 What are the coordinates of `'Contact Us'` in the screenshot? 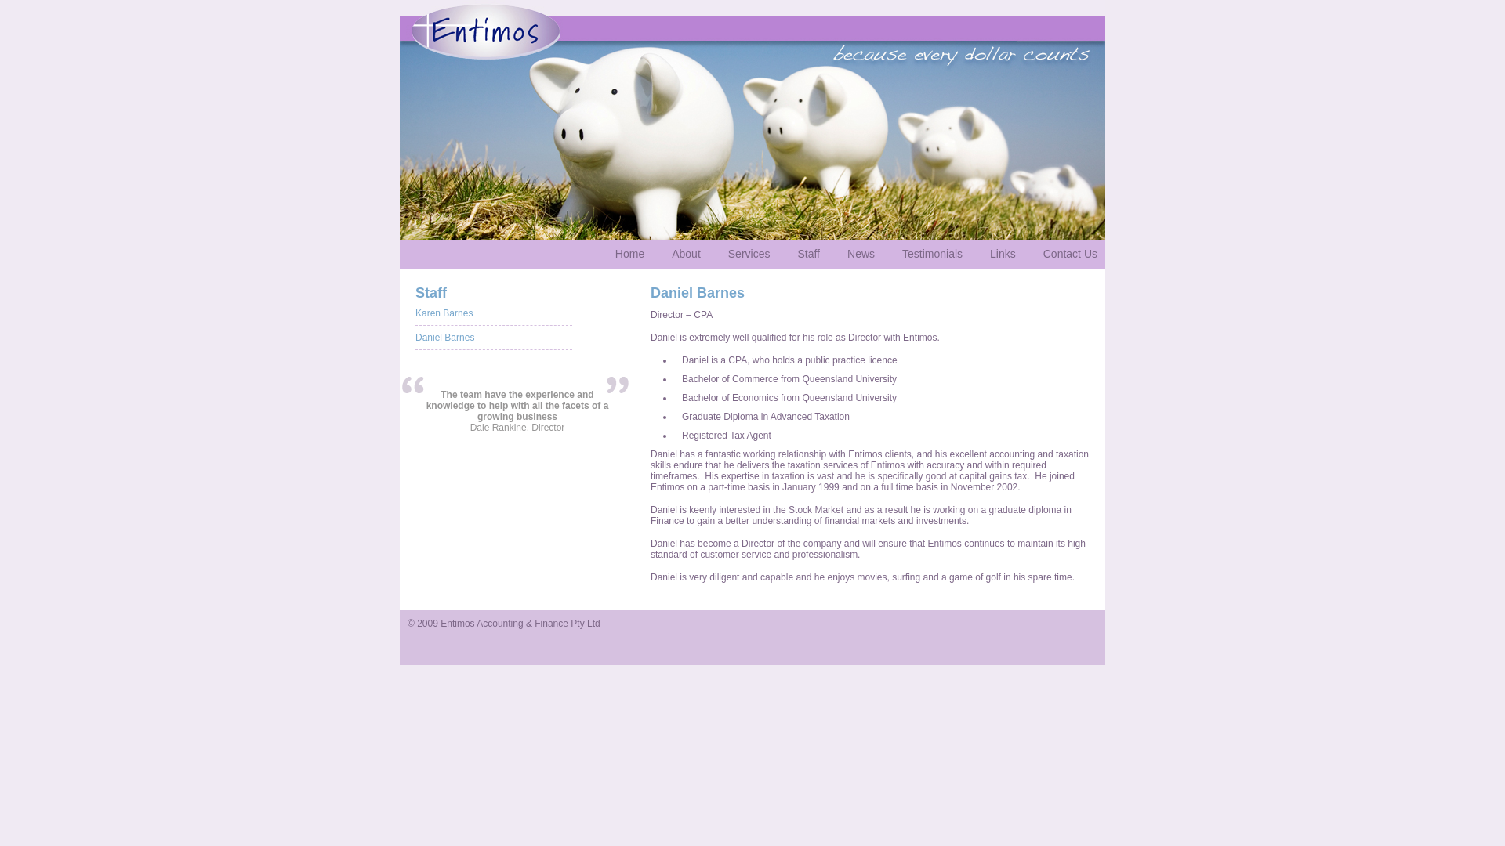 It's located at (1069, 253).